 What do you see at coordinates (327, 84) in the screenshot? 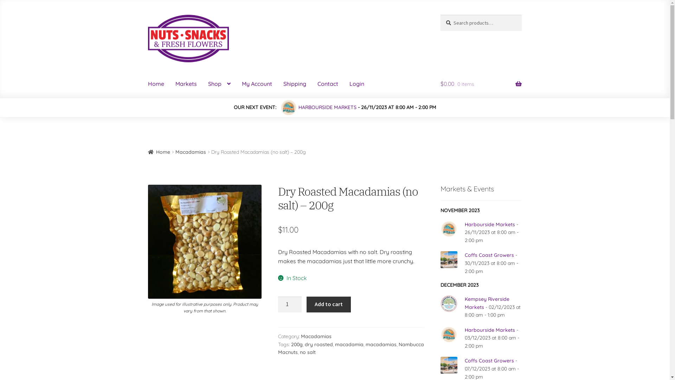
I see `'Contact'` at bounding box center [327, 84].